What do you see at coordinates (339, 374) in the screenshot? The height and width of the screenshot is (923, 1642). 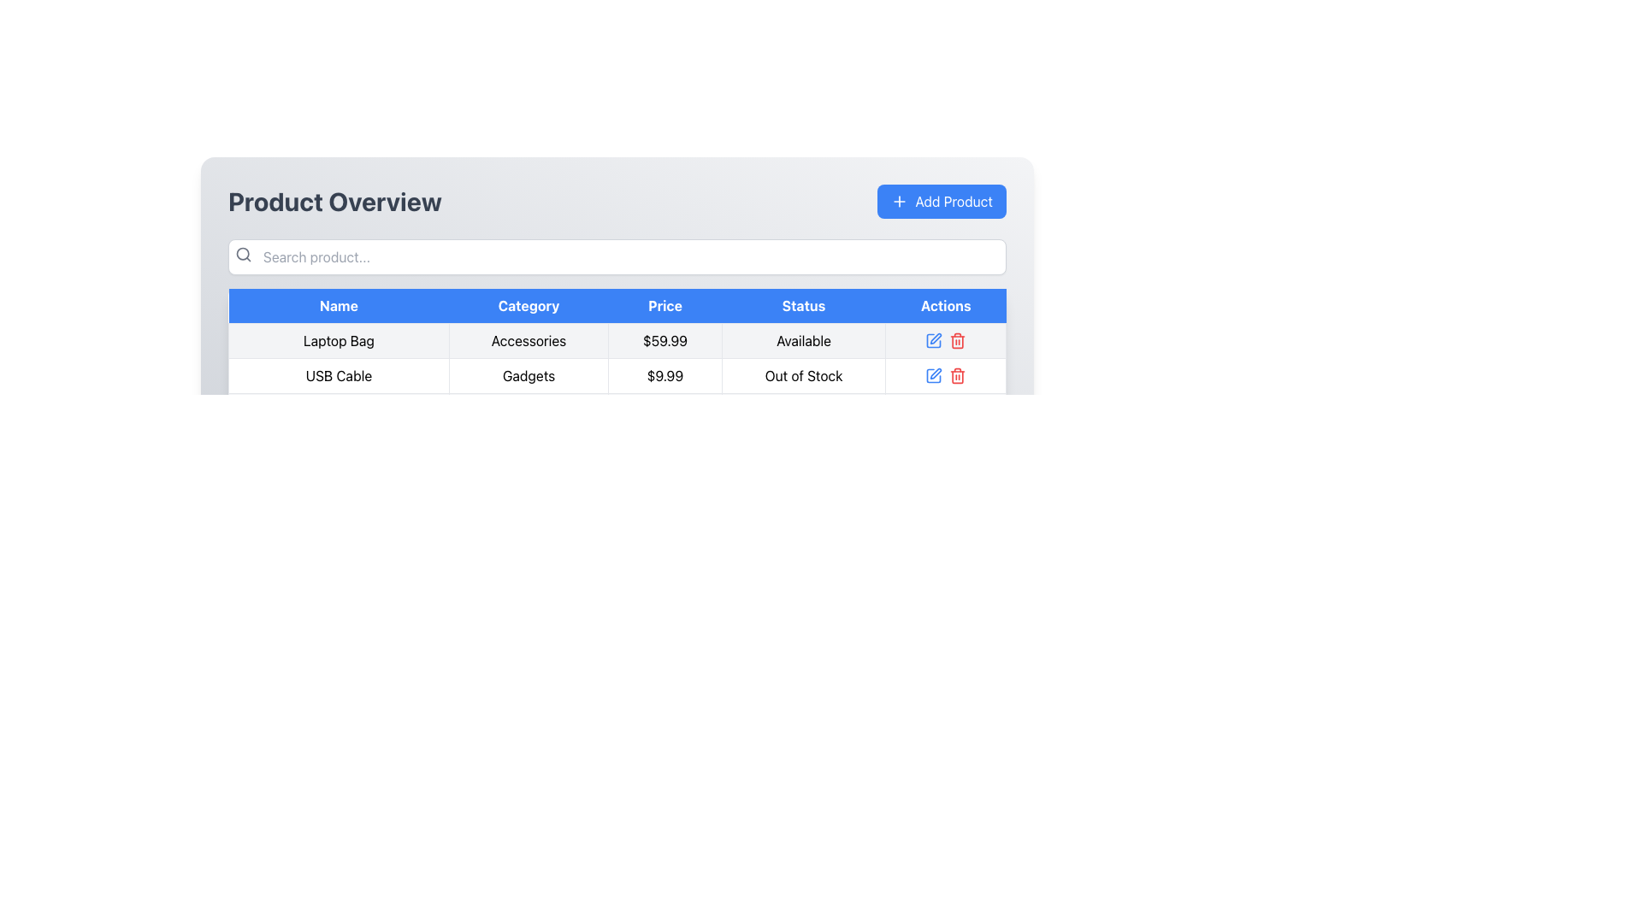 I see `the first table cell in the second row under the 'Name' column, which represents a product's name` at bounding box center [339, 374].